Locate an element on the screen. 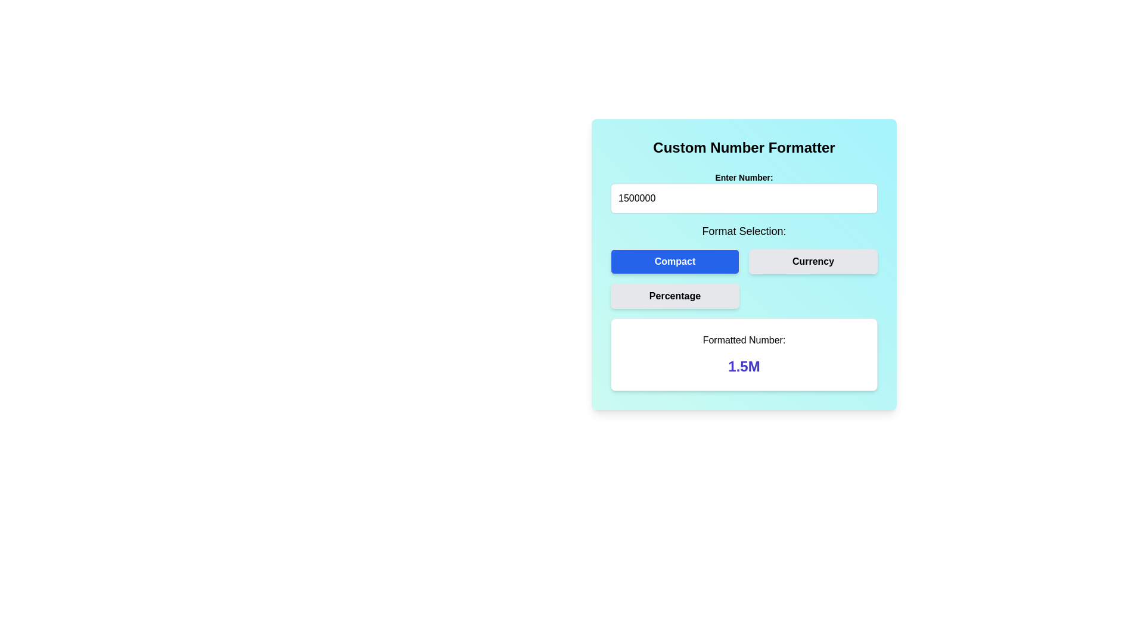  the Static text section displaying the formatted number '1.5M', which is emphasized in a larger, bold indigo font, located below the 'Format Selection' section is located at coordinates (743, 354).